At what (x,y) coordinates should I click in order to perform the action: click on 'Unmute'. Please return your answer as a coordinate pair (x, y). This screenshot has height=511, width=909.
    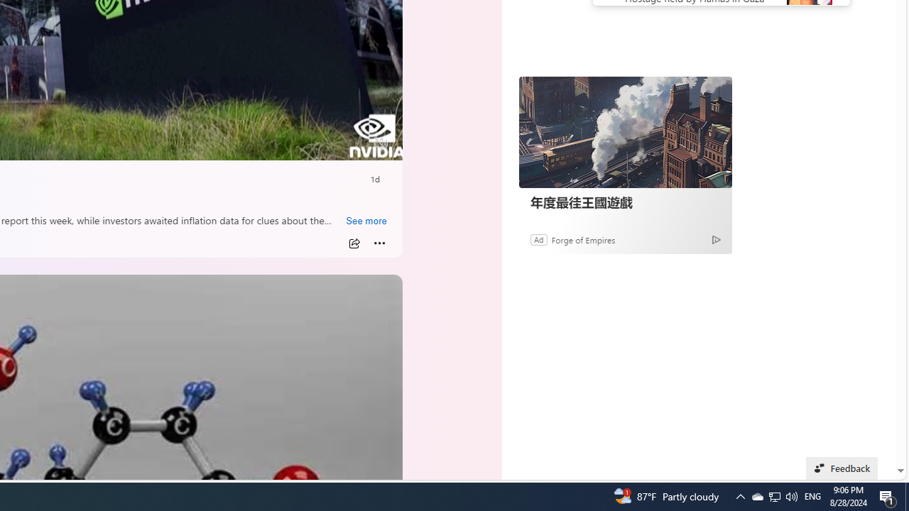
    Looking at the image, I should click on (381, 144).